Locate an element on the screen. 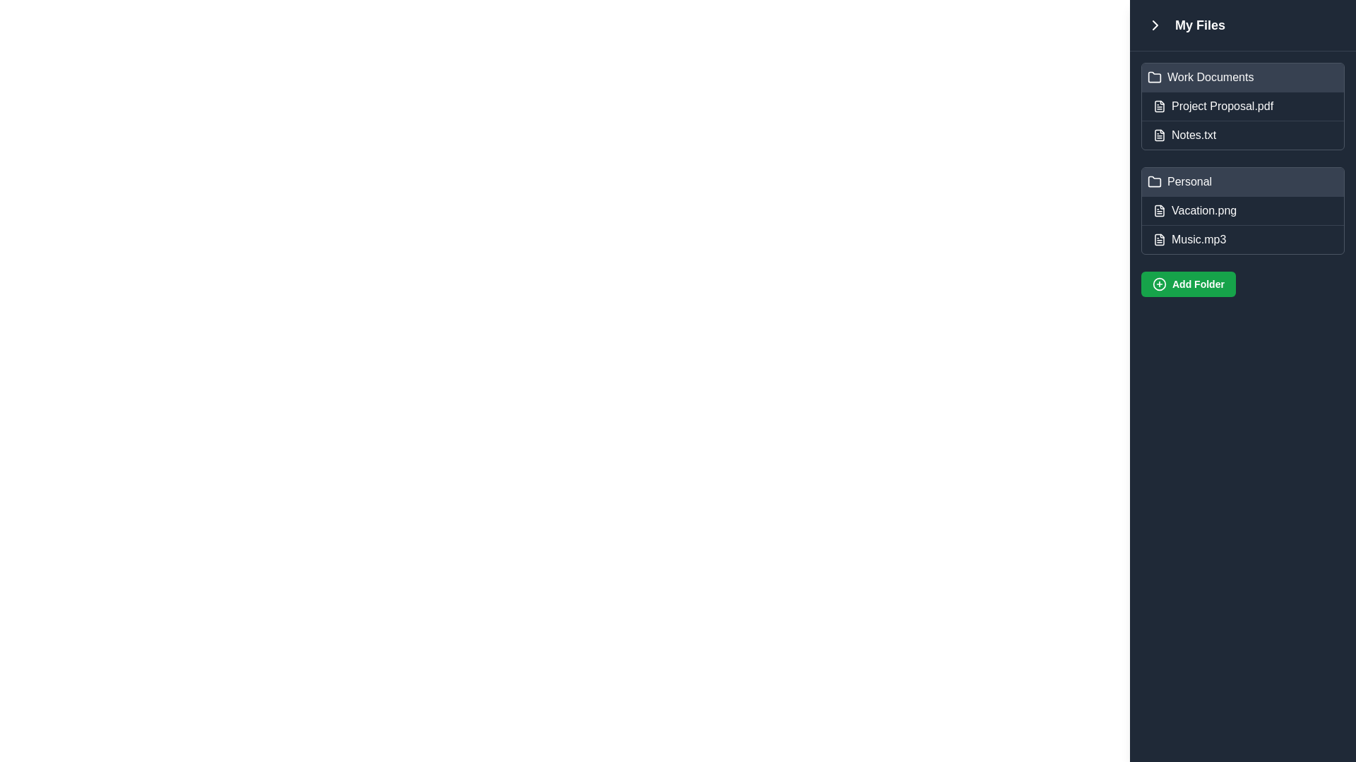 Image resolution: width=1356 pixels, height=762 pixels. the 'Add Folder' icon, which is an SVG graphic located on the left side of the 'Add Folder' button at the bottom of the sidebar interface is located at coordinates (1159, 284).